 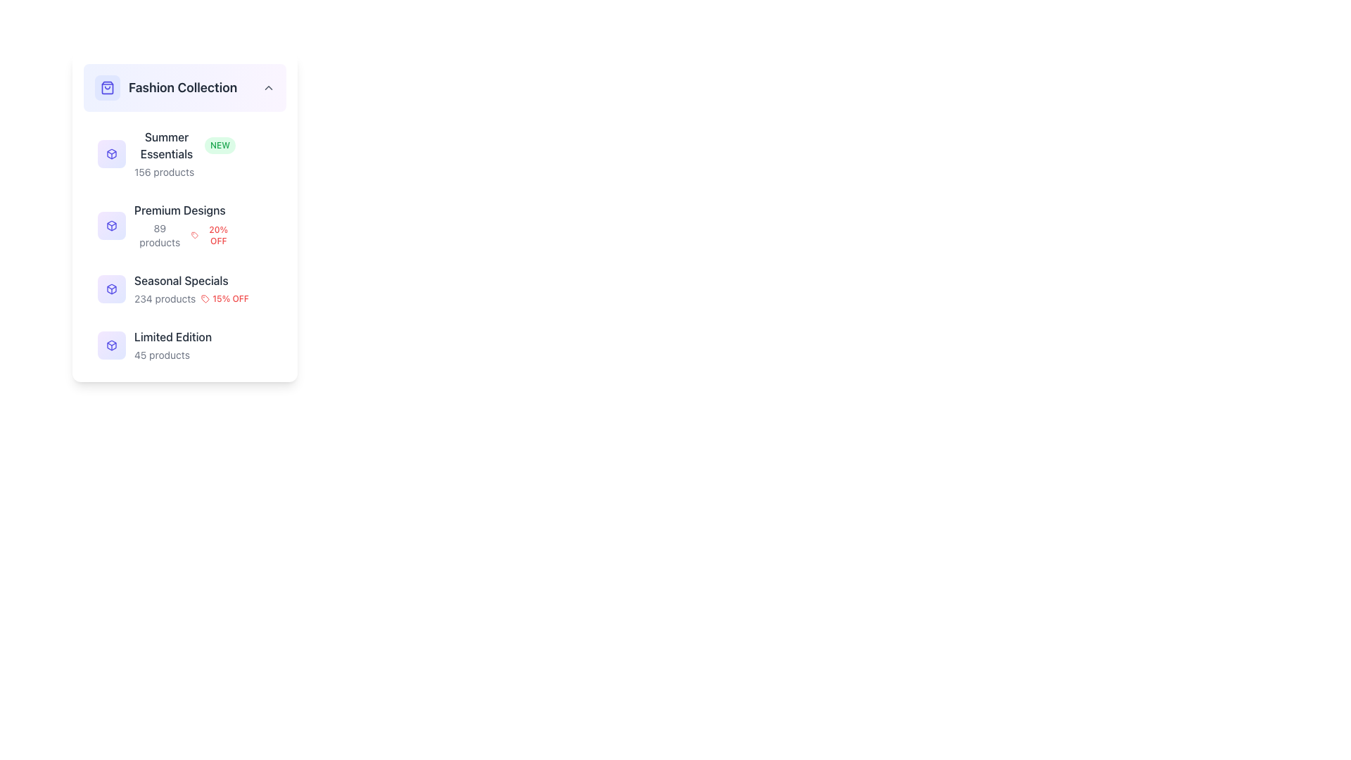 I want to click on the Textual Information Group containing product categories like 'Summer Essentials', 'Premium Designs', and 'Seasonal Specials', so click(x=184, y=244).